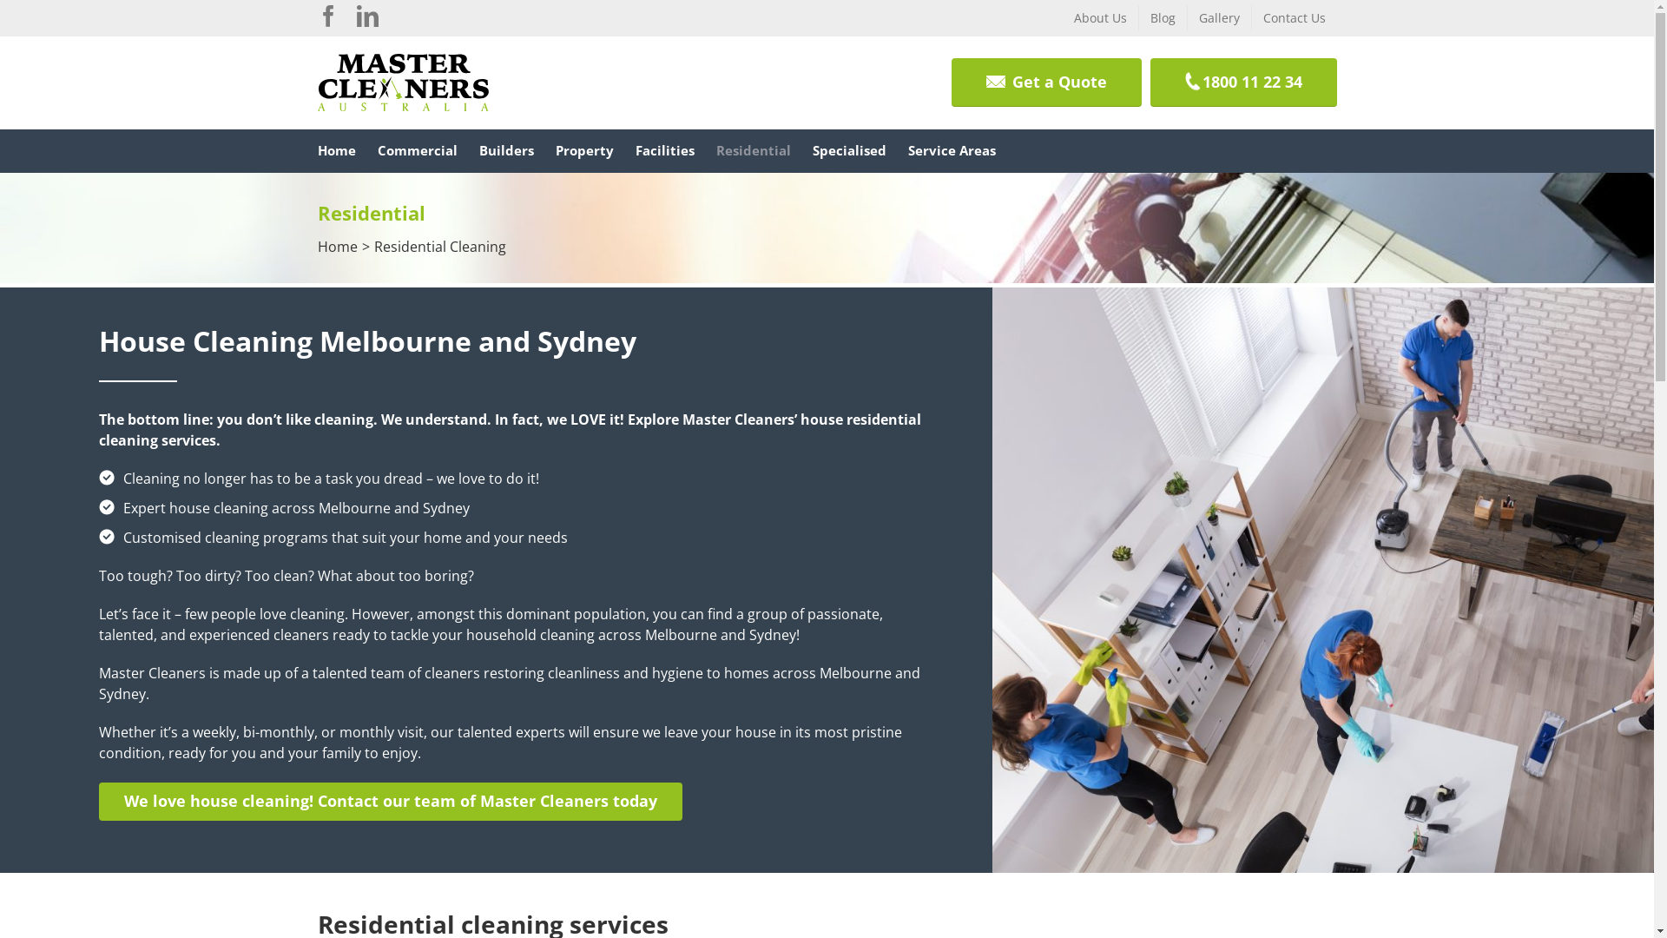 The image size is (1667, 938). I want to click on 'Residential', so click(753, 149).